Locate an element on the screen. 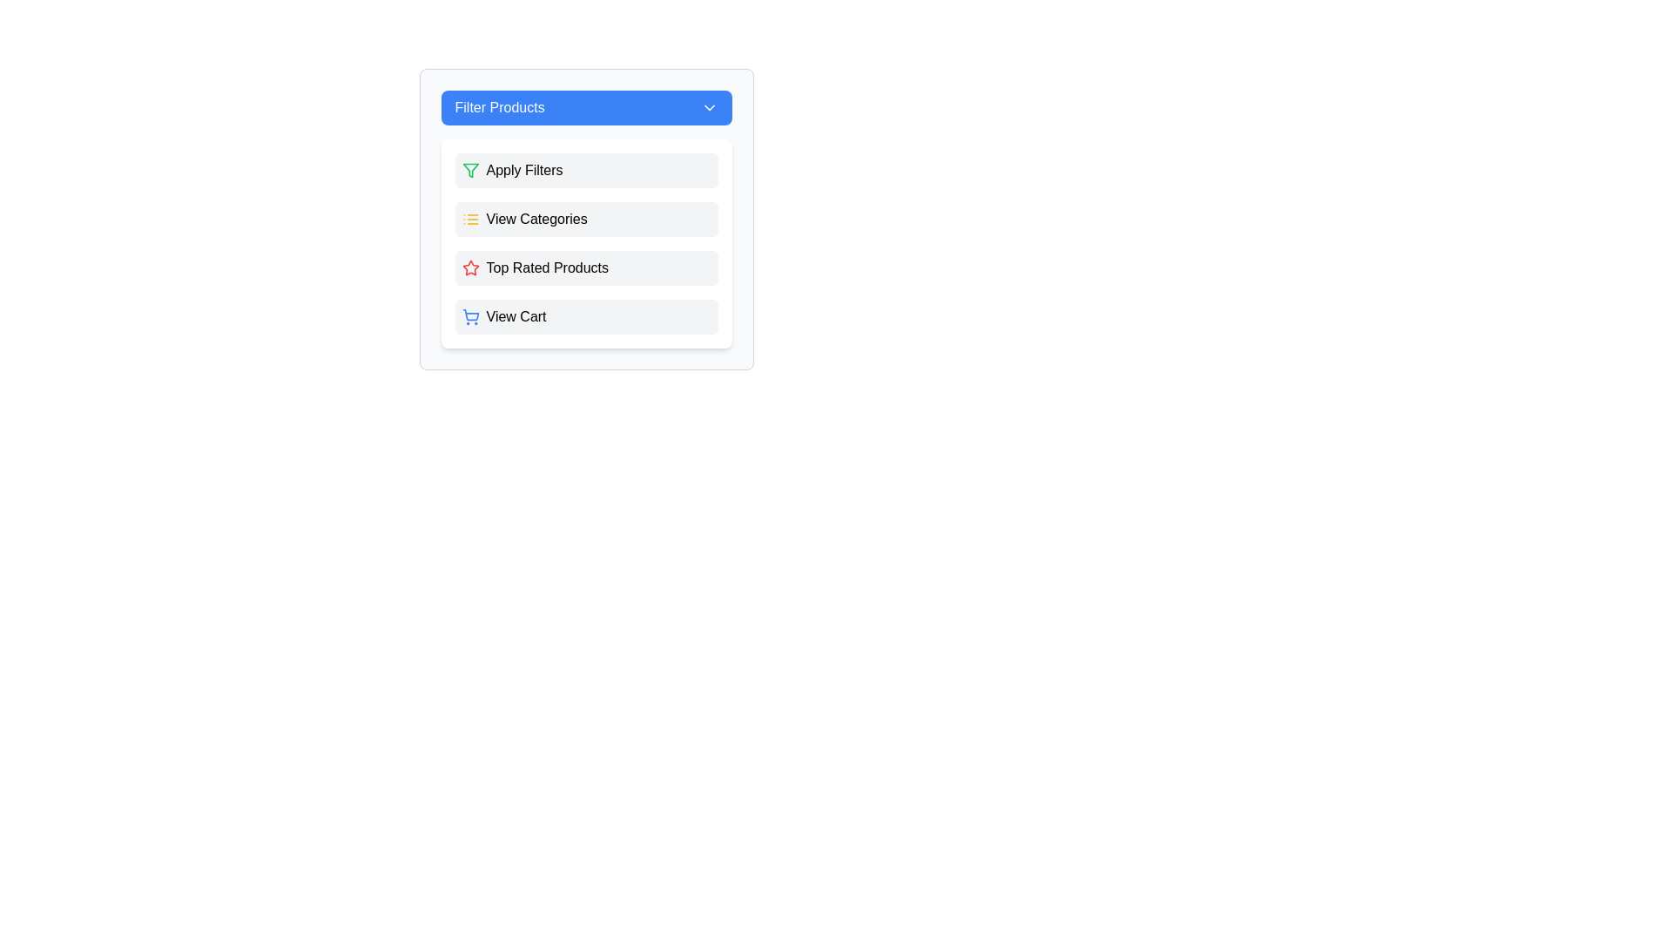 Image resolution: width=1672 pixels, height=941 pixels. the button located at the bottom of the vertical group of options is located at coordinates (586, 316).